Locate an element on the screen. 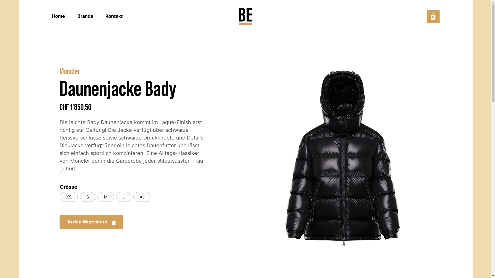 Image resolution: width=495 pixels, height=278 pixels. 'Brands' is located at coordinates (77, 16).